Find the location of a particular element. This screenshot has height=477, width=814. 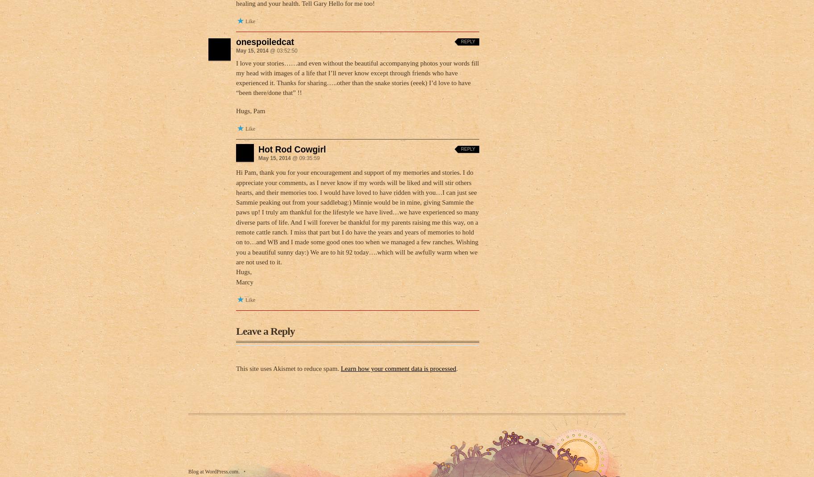

'Hi Pam, thank you for your encouragement and support of my memories and stories. I do appreciate your comments, as I never know if my words will be liked and will stir others hearts, and their memories too. I would have loved to have ridden with you…I can just see Sammie peaking out from your saddlebag:) Minnie would be in mine, giving Sammie the paws up! I truly am thankful for the lifestyle we have lived…we have experienced so many diverse parts of life. And I will forever be thankful for my parents raising me this way, on a remote cattle ranch. I miss that part but I do have the years and years of memories to hold on to…and WB and I made some good ones too when we managed a few ranches. Wishing you a beautiful sunny day:) We are to hit 92 today….which will be awfully warm when we are not used to it.' is located at coordinates (357, 217).